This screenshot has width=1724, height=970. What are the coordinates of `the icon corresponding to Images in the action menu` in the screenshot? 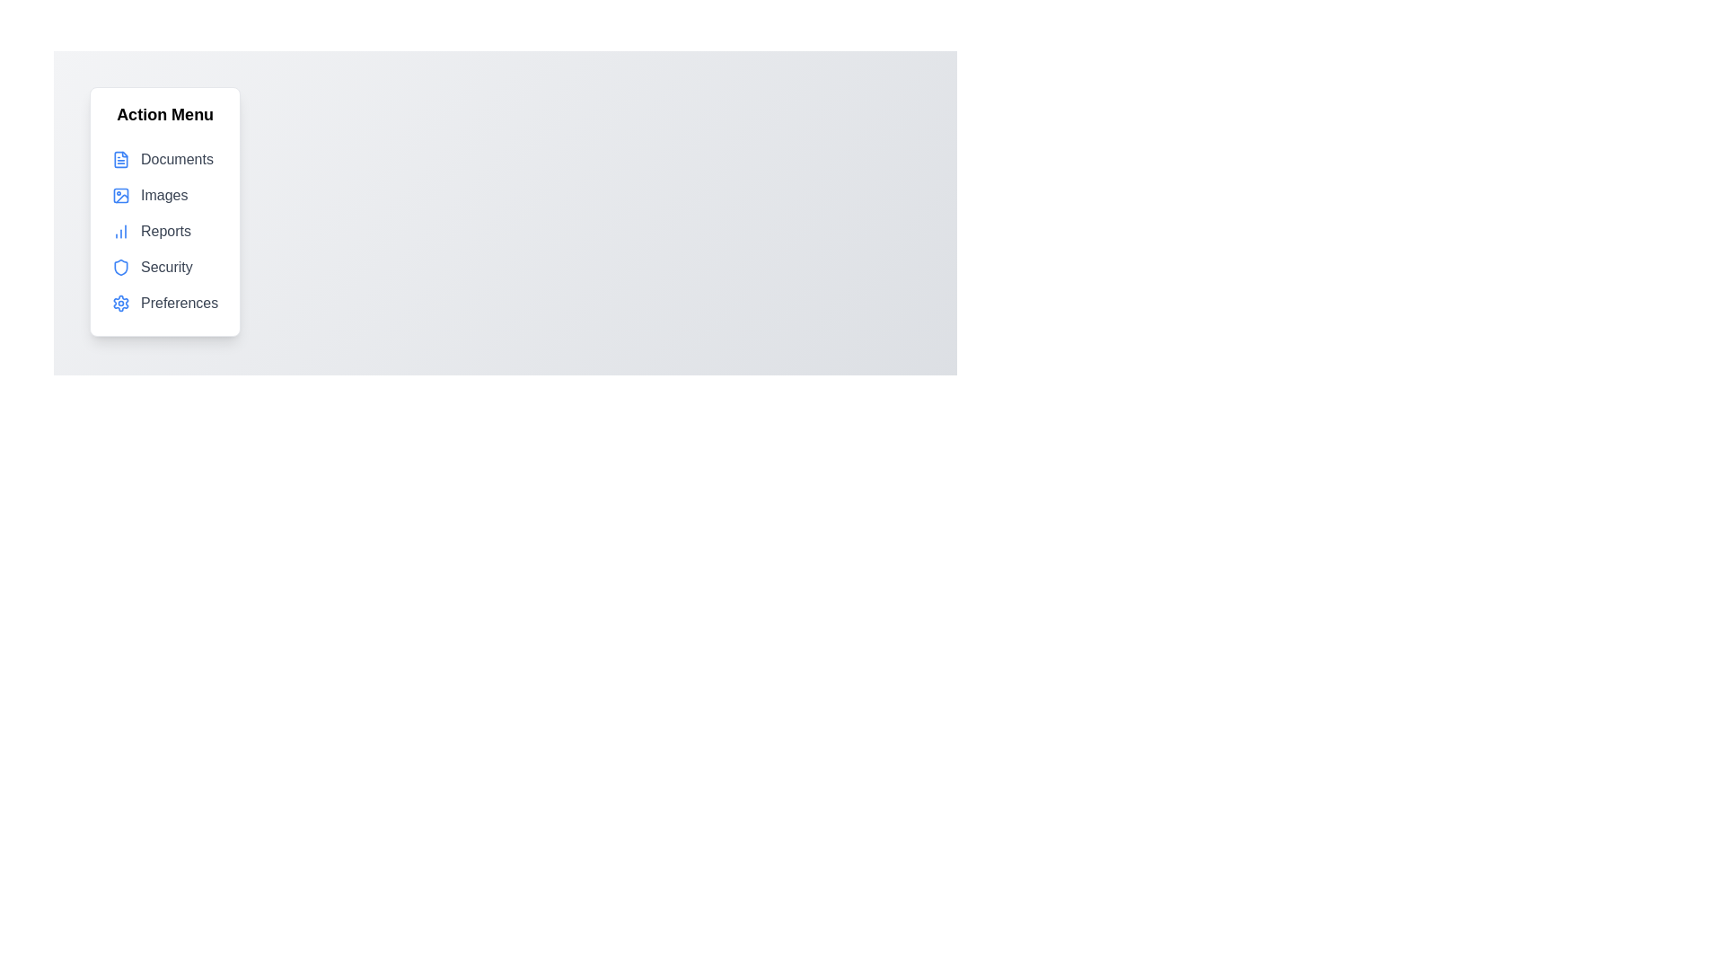 It's located at (119, 196).